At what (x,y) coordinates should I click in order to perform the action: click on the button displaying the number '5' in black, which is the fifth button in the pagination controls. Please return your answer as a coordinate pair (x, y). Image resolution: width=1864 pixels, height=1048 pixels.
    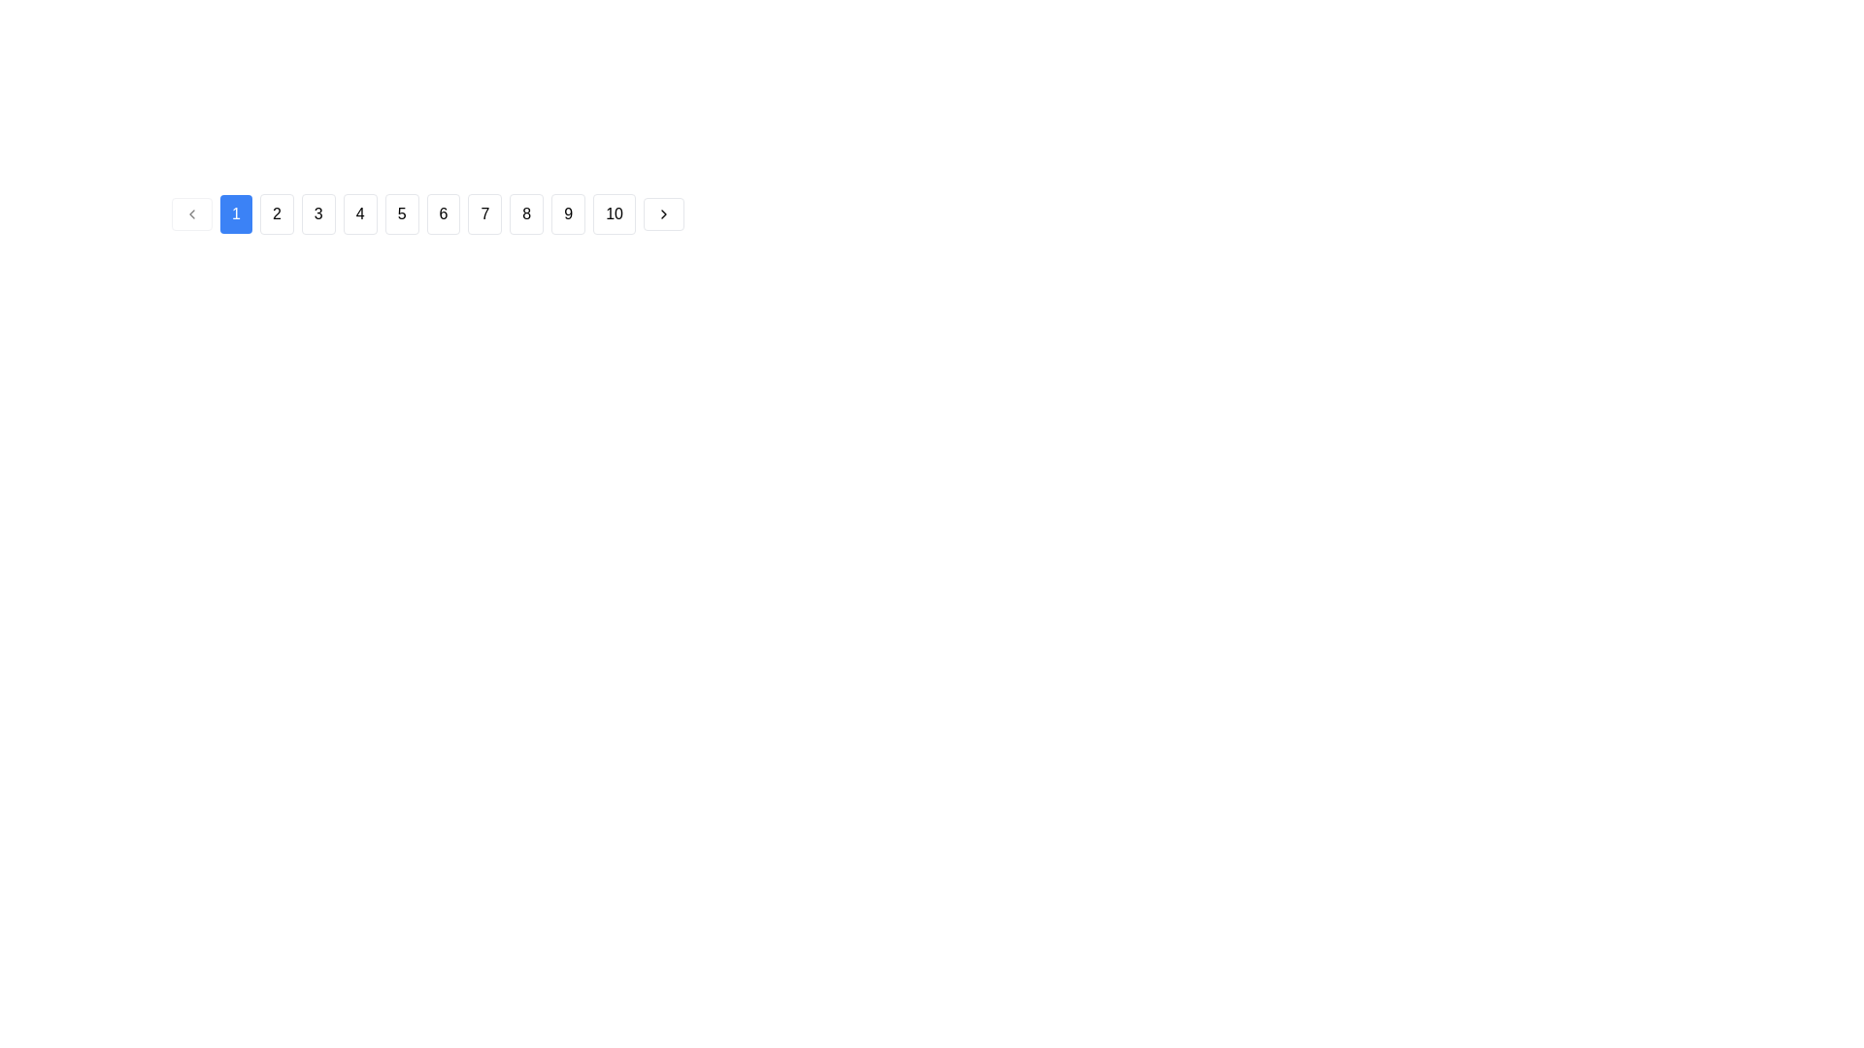
    Looking at the image, I should click on (401, 213).